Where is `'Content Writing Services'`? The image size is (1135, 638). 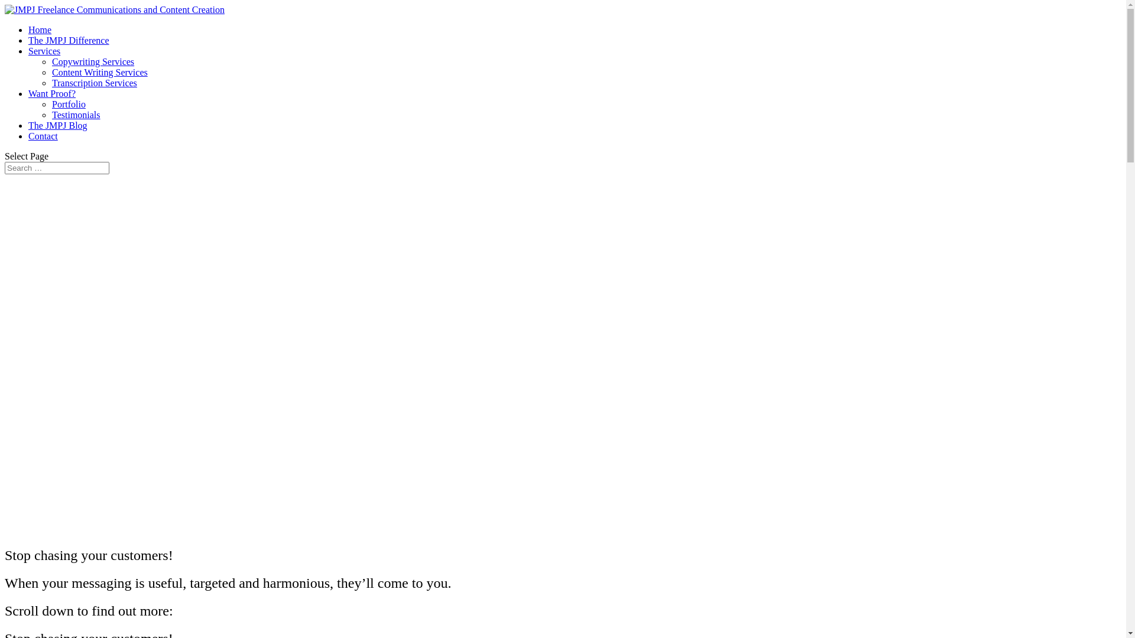 'Content Writing Services' is located at coordinates (99, 72).